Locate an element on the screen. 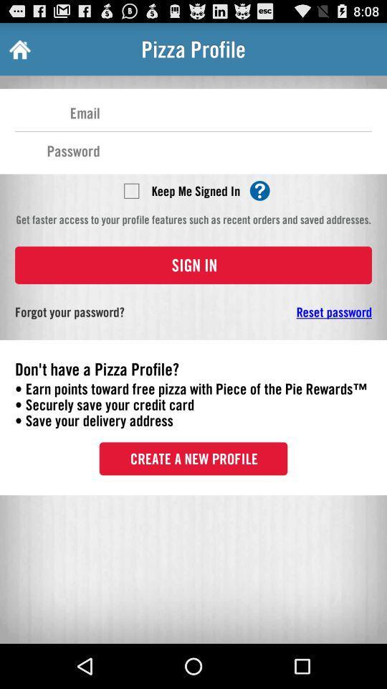  item to the left of pizza profile item is located at coordinates (18, 49).